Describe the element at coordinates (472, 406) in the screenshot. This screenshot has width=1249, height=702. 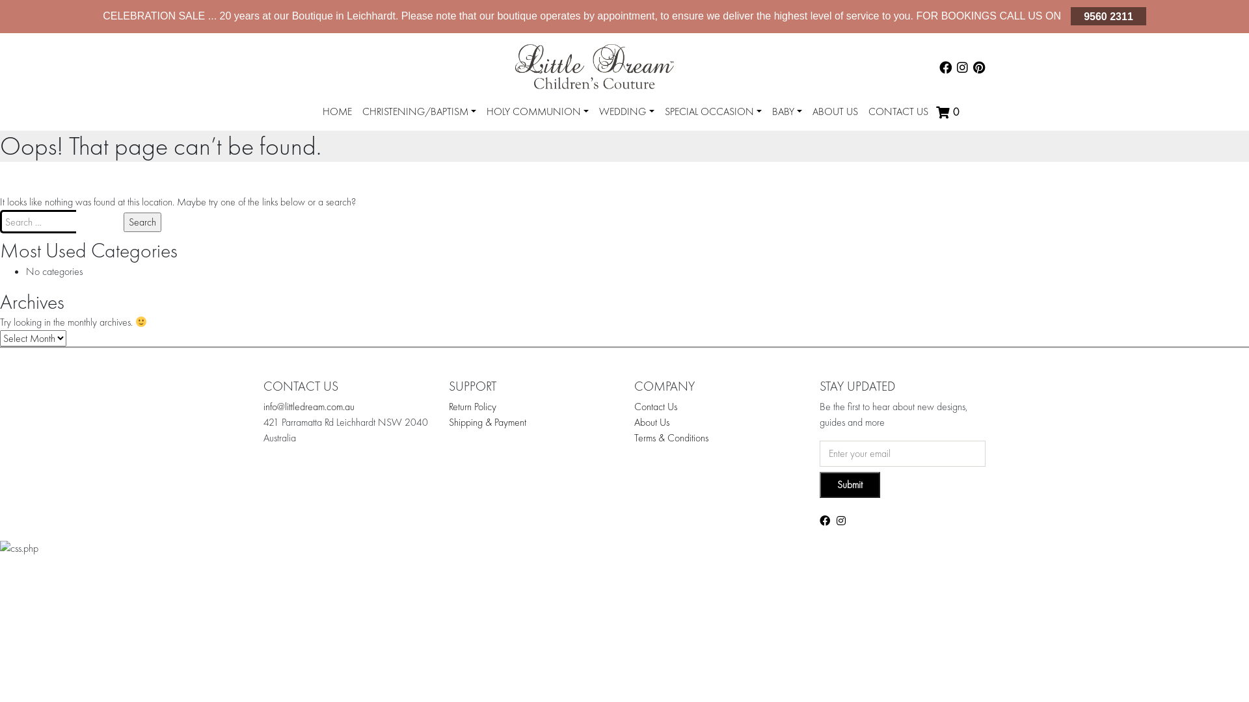
I see `'Return Policy'` at that location.